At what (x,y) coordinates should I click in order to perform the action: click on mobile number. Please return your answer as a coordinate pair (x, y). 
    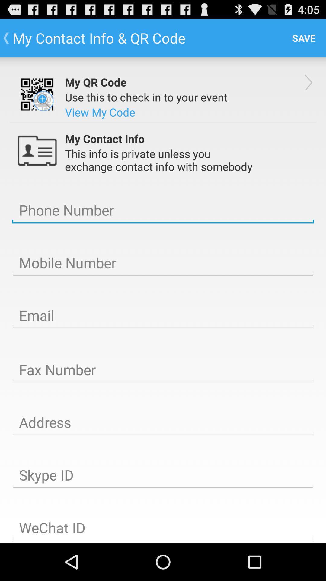
    Looking at the image, I should click on (163, 263).